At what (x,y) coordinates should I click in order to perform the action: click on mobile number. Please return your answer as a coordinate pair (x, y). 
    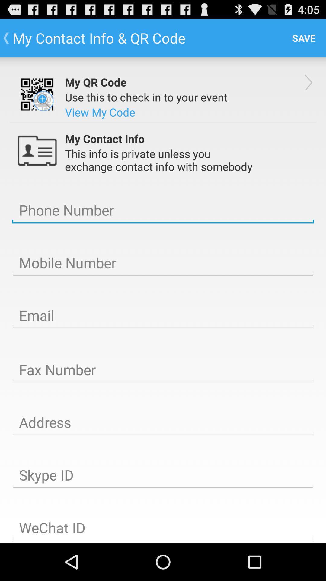
    Looking at the image, I should click on (163, 263).